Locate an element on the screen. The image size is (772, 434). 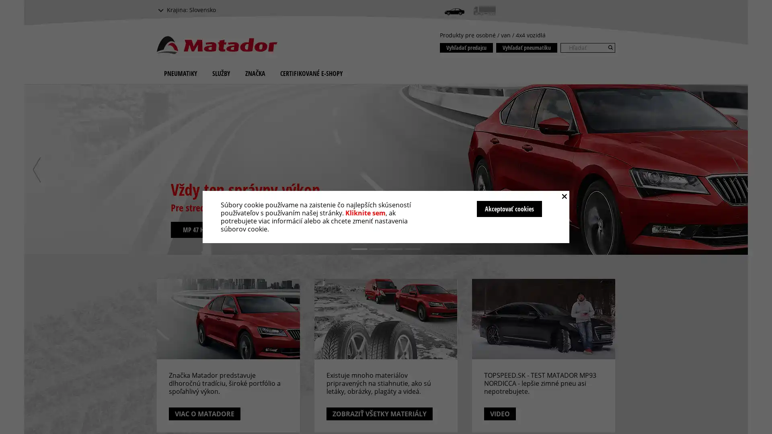
4 is located at coordinates (413, 249).